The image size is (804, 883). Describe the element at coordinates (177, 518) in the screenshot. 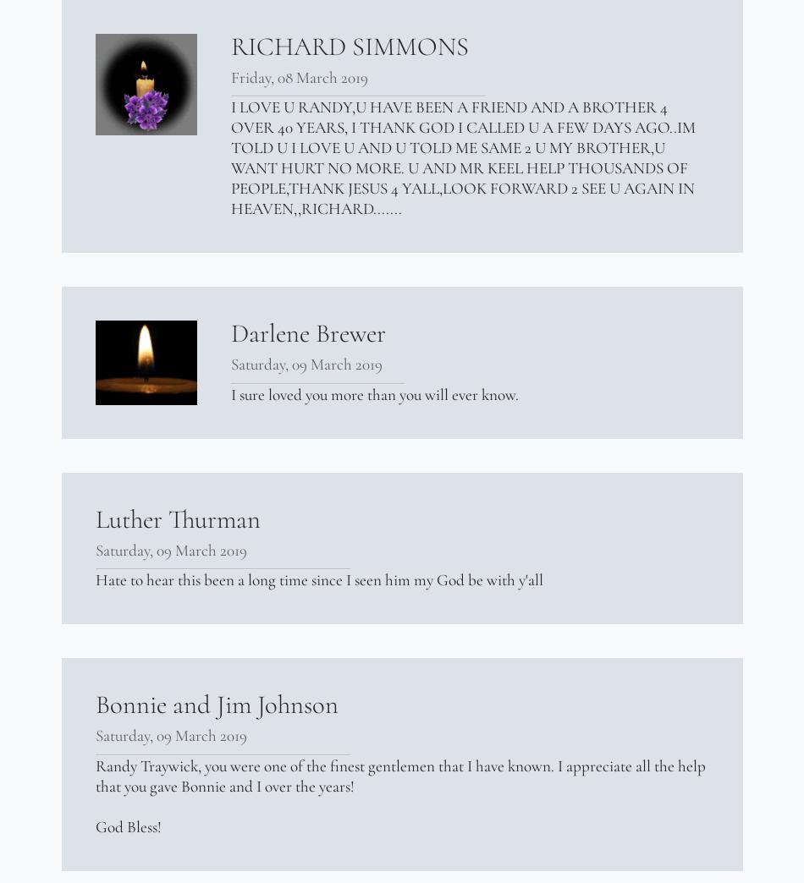

I see `'Luther Thurman'` at that location.